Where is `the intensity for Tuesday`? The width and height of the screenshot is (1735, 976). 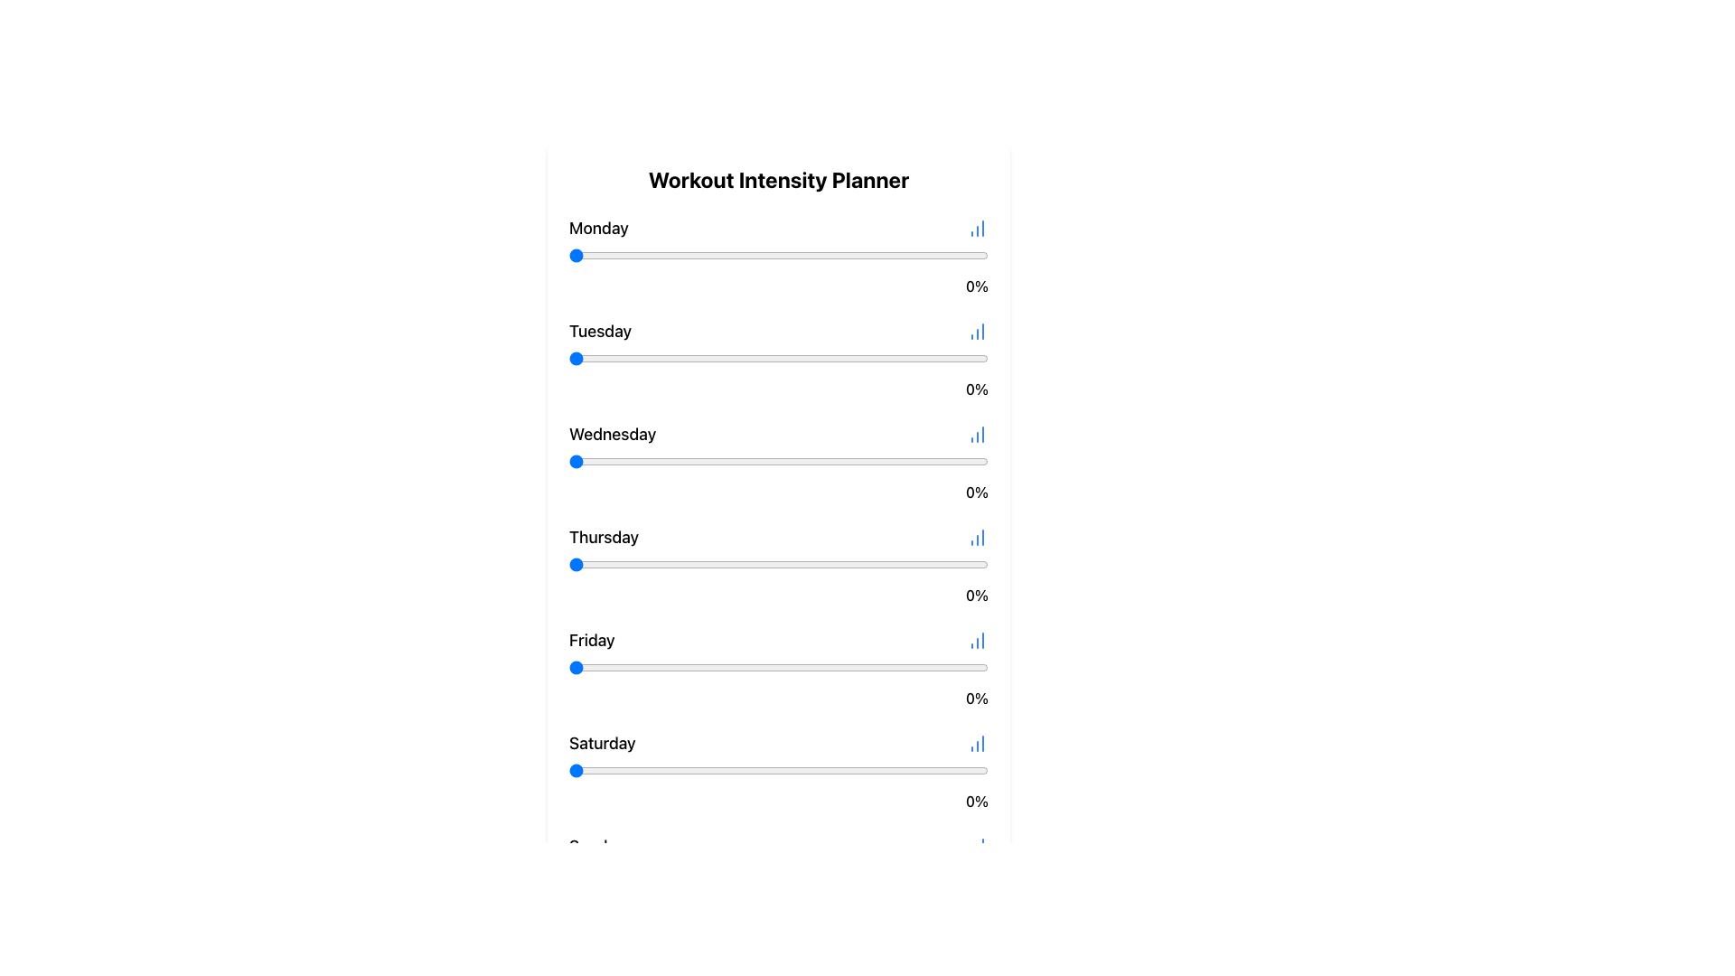 the intensity for Tuesday is located at coordinates (799, 359).